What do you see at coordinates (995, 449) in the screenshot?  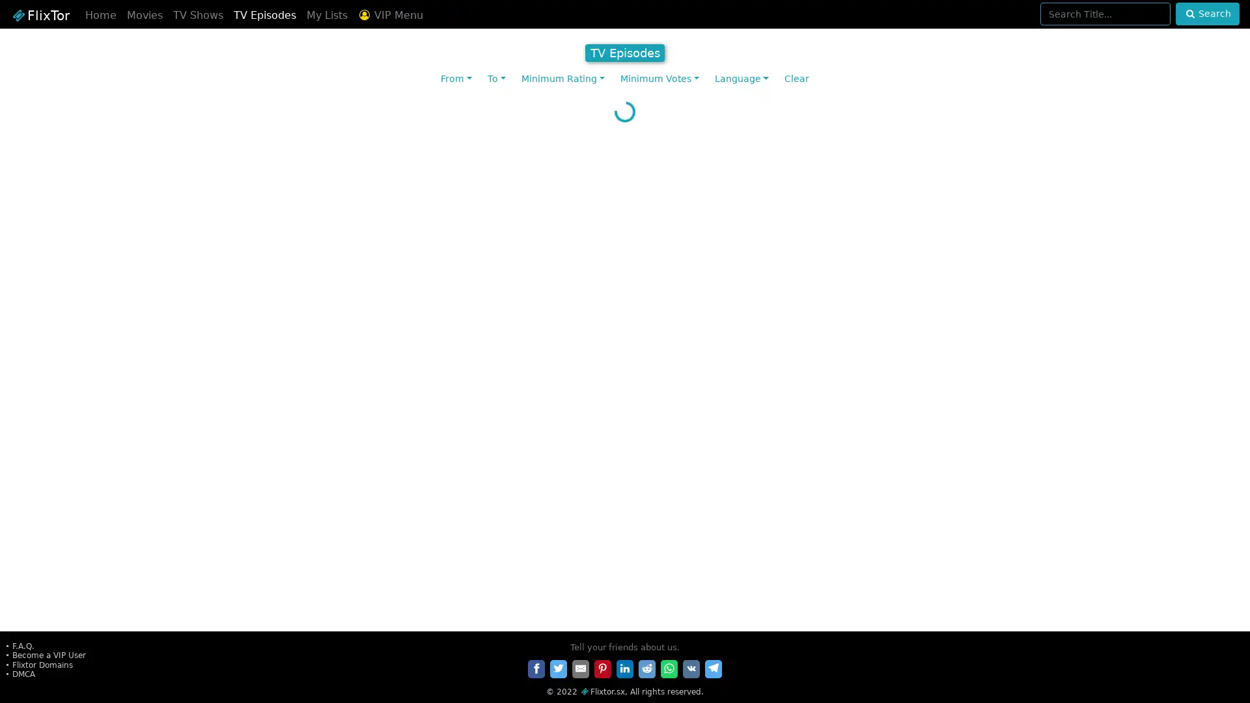 I see `Watch Now` at bounding box center [995, 449].